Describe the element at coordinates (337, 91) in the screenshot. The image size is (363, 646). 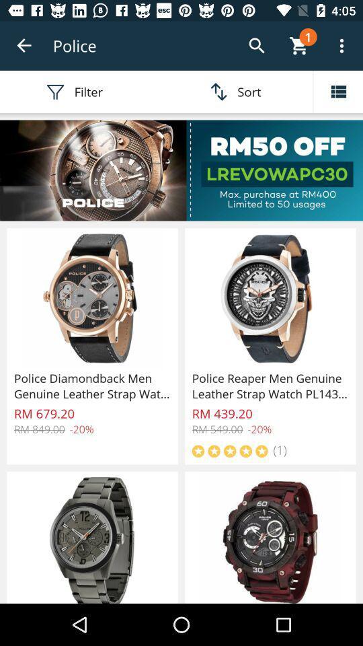
I see `show options in list` at that location.